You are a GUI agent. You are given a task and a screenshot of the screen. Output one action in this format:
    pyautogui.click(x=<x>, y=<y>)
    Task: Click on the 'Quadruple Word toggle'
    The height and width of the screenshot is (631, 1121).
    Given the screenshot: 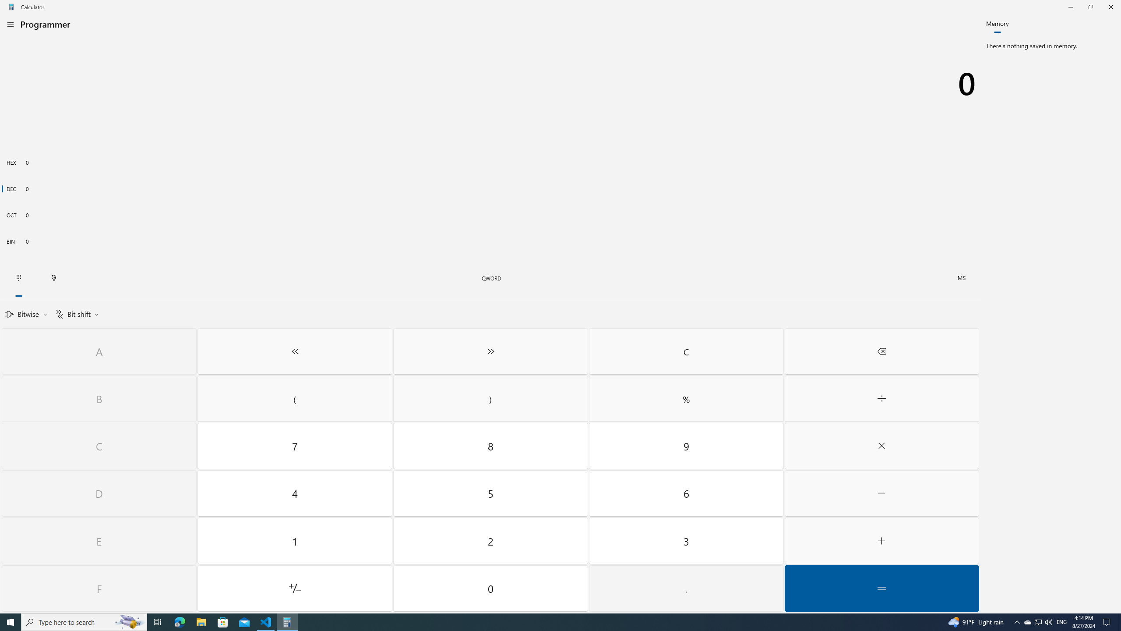 What is the action you would take?
    pyautogui.click(x=491, y=278)
    